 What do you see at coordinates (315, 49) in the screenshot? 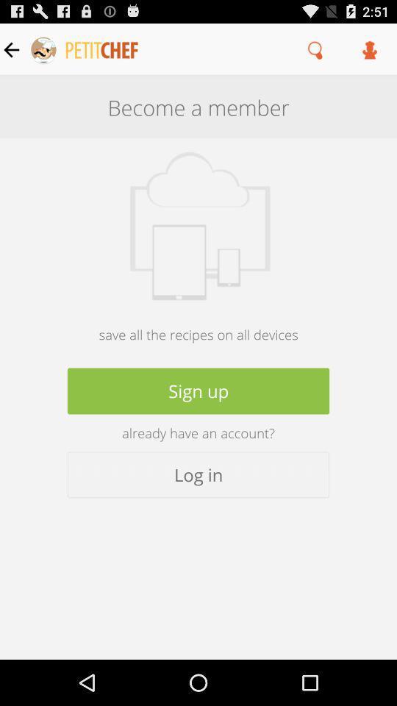
I see `item above the become a member item` at bounding box center [315, 49].